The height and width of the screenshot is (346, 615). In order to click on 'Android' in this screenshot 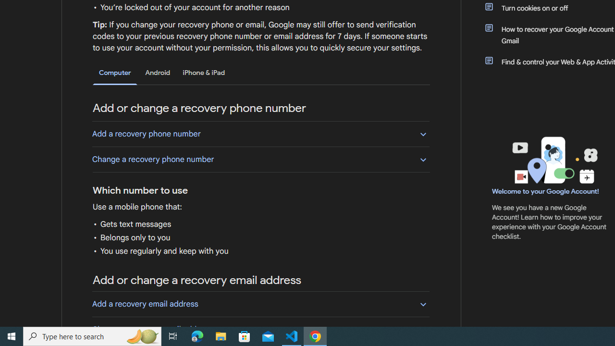, I will do `click(158, 72)`.